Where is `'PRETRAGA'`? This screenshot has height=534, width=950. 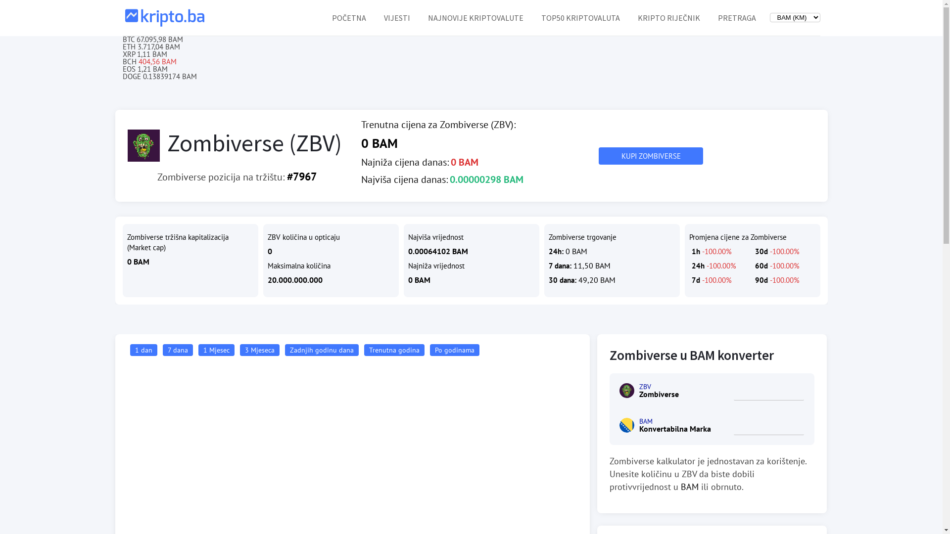 'PRETRAGA' is located at coordinates (736, 17).